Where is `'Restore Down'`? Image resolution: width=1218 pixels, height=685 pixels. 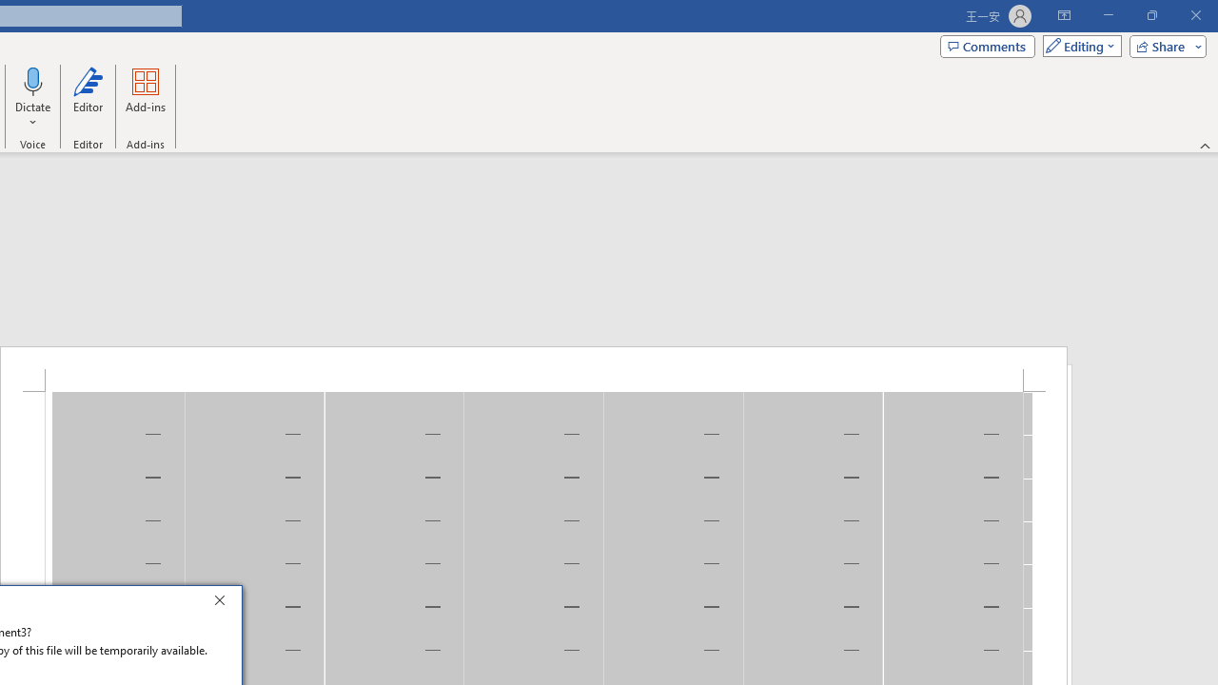 'Restore Down' is located at coordinates (1150, 15).